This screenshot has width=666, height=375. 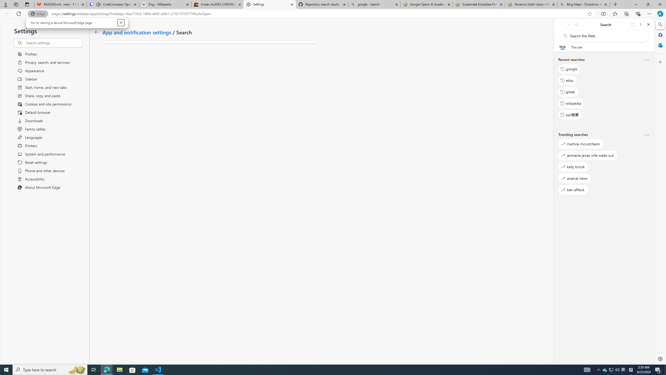 I want to click on 'Google Opens AI Academy for Startups - Nearshore Americas', so click(x=426, y=4).